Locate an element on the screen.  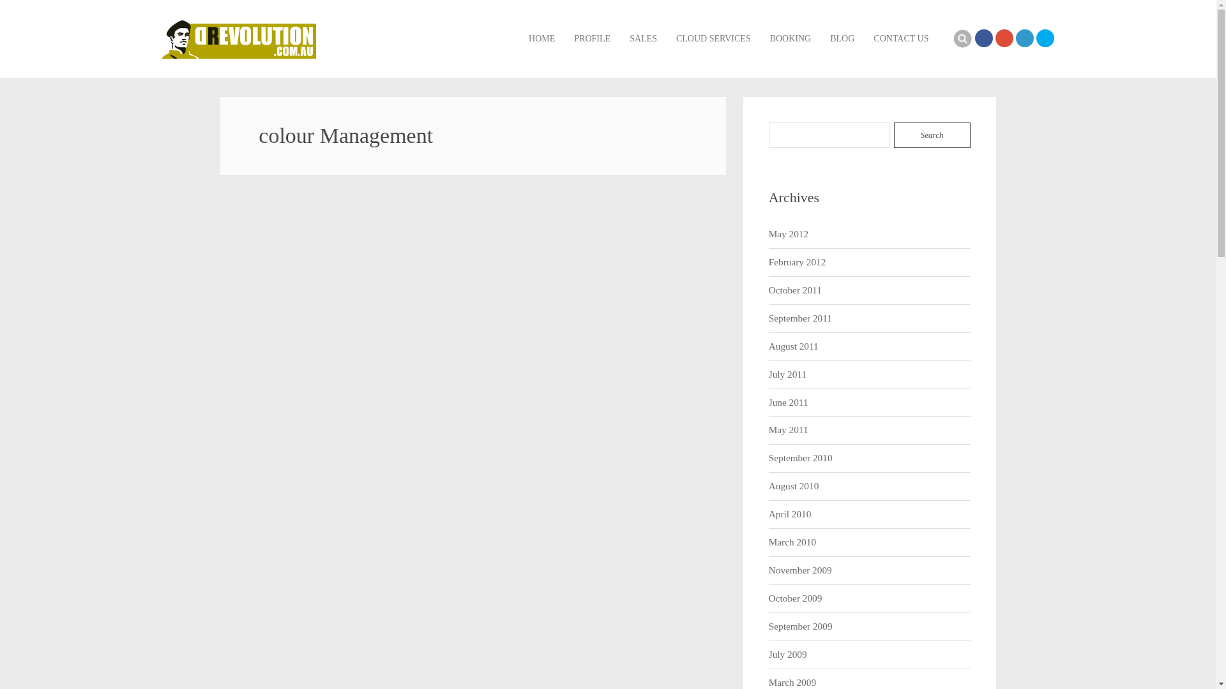
'Facebook' is located at coordinates (983, 38).